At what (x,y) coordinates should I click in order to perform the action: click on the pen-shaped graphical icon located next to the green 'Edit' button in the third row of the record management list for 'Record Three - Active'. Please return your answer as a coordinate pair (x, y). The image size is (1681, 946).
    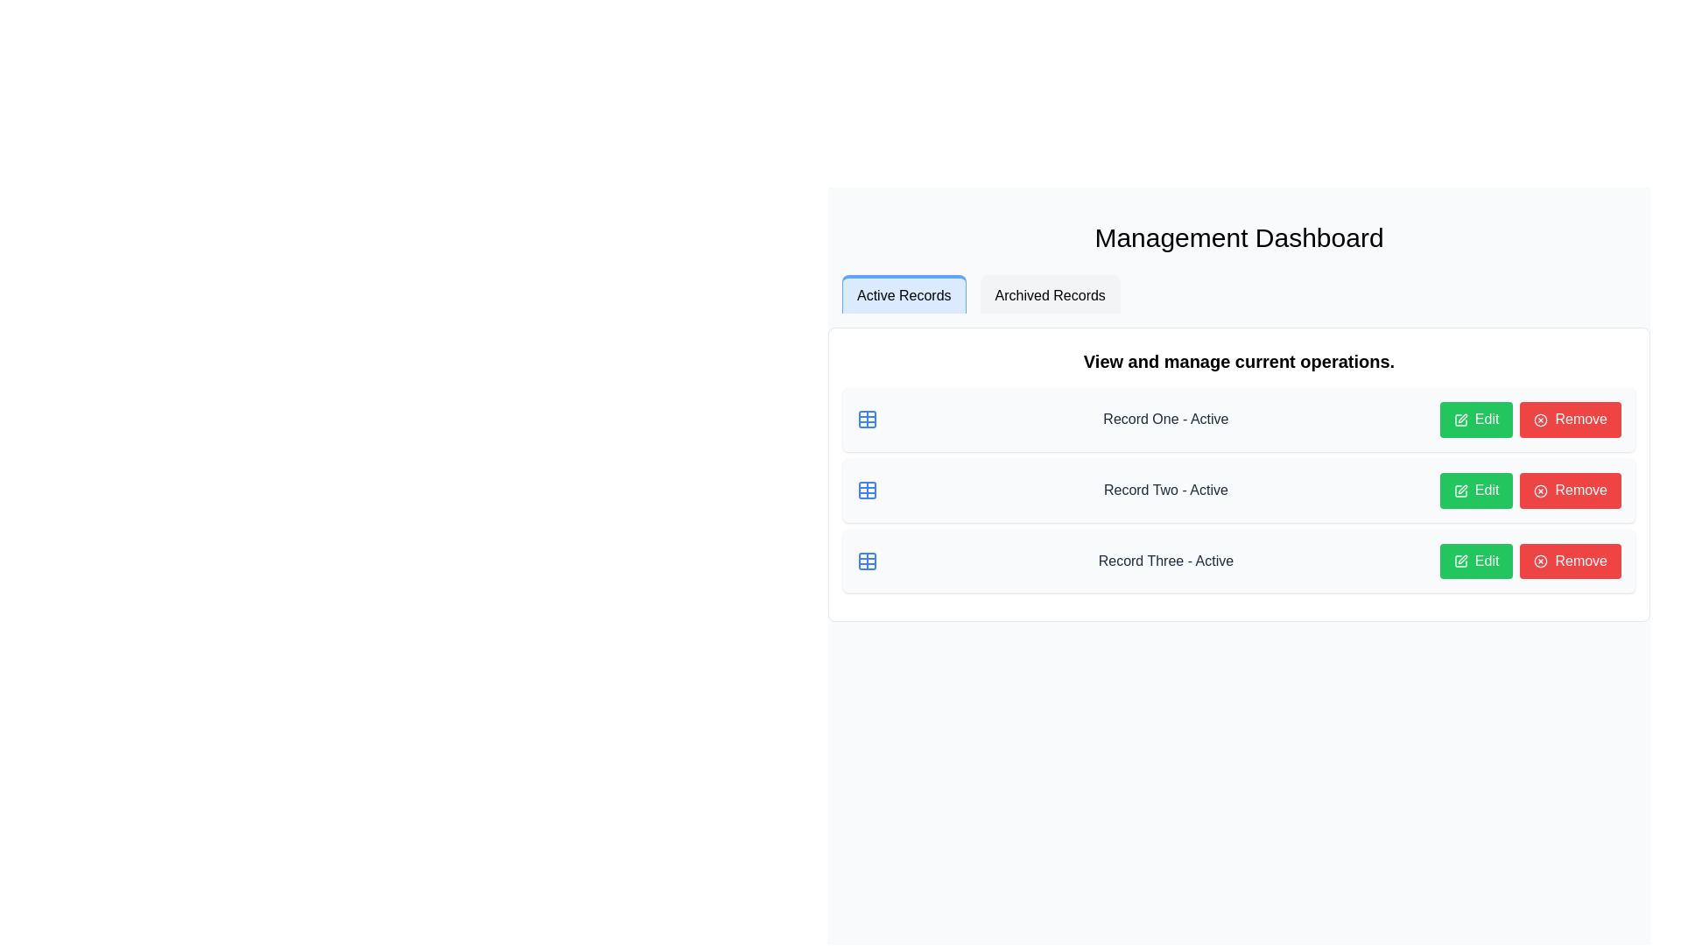
    Looking at the image, I should click on (1462, 560).